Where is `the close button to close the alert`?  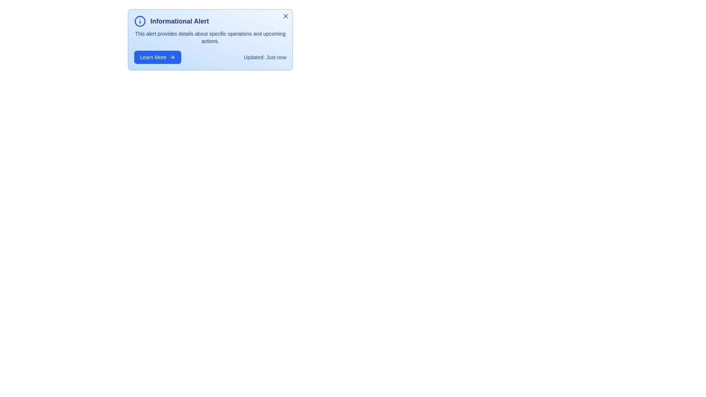 the close button to close the alert is located at coordinates (285, 16).